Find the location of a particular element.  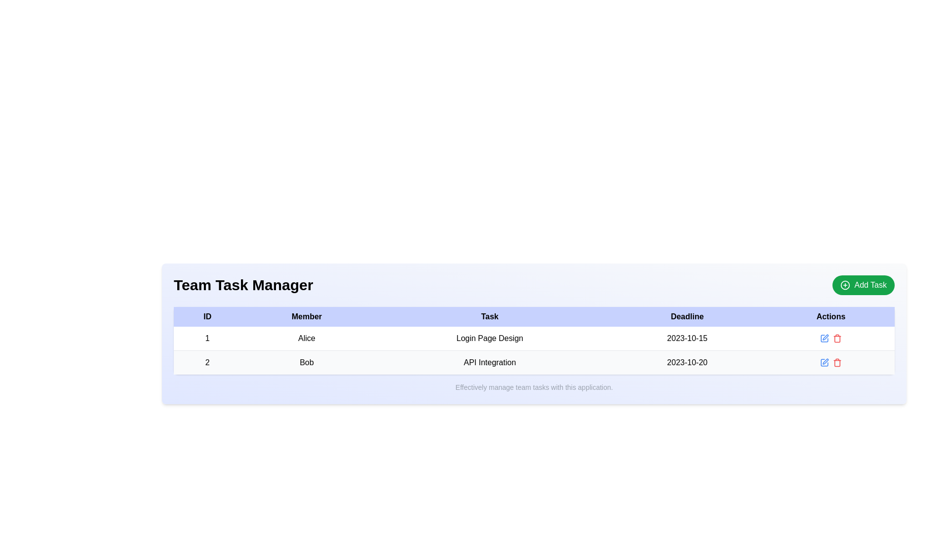

the first row of the task management system table is located at coordinates (533, 338).